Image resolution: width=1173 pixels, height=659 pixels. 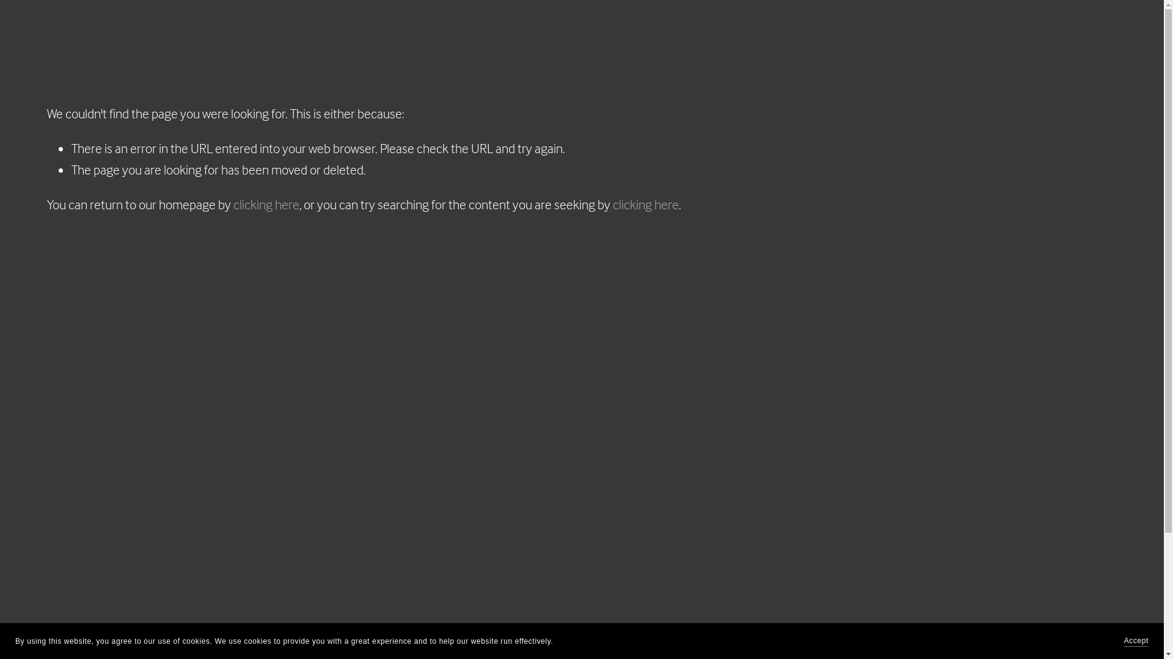 I want to click on 'clicking here', so click(x=233, y=204).